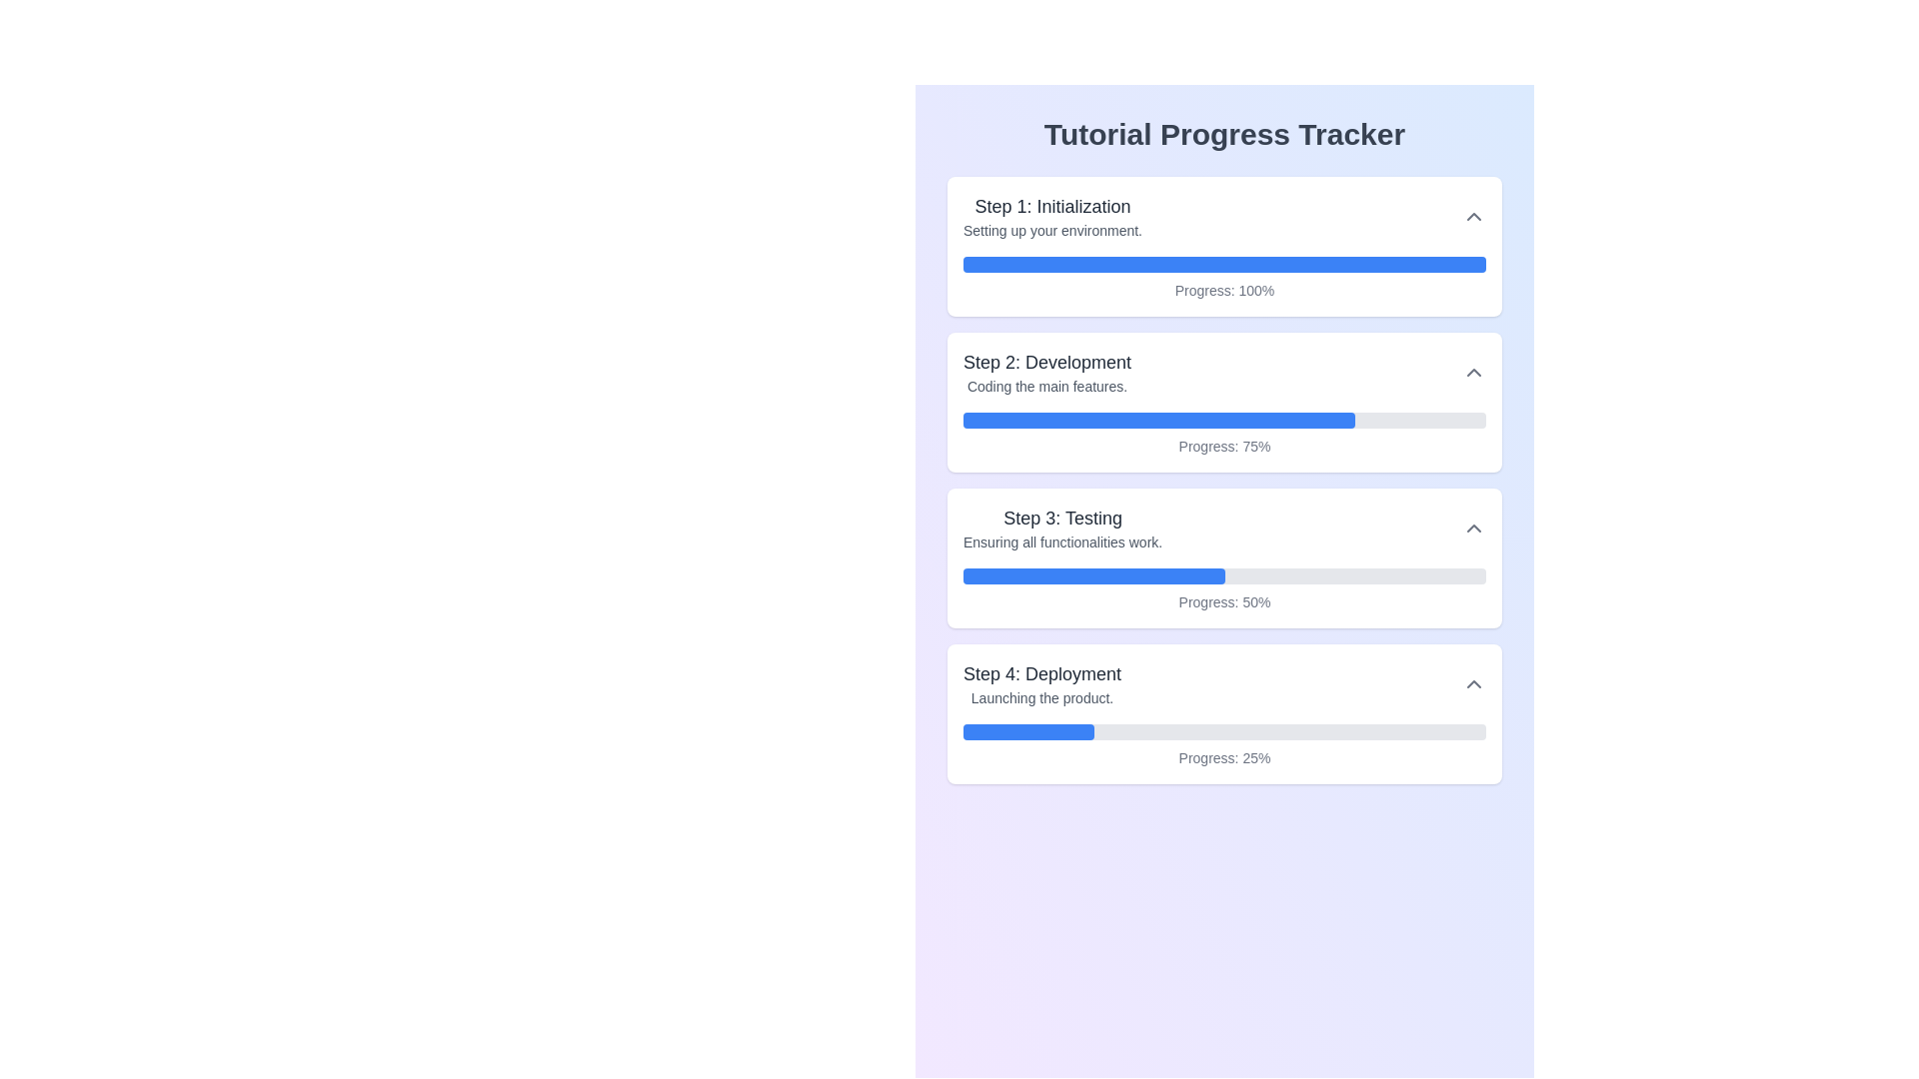 This screenshot has height=1079, width=1919. I want to click on the upward-facing arrow icon located to the right of 'Step 2: Development', so click(1473, 373).